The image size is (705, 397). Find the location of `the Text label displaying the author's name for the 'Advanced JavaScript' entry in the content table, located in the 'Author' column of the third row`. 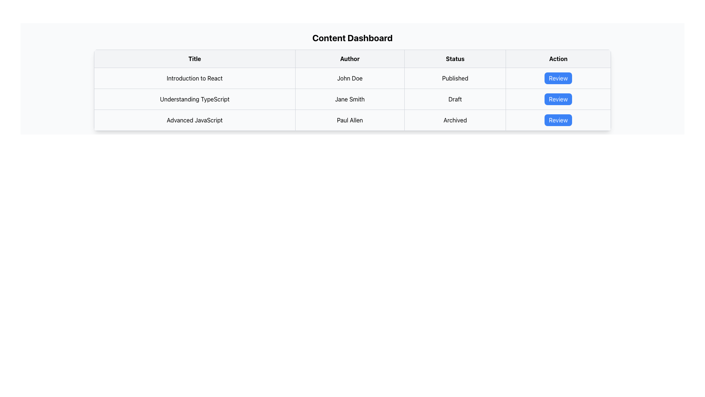

the Text label displaying the author's name for the 'Advanced JavaScript' entry in the content table, located in the 'Author' column of the third row is located at coordinates (349, 120).